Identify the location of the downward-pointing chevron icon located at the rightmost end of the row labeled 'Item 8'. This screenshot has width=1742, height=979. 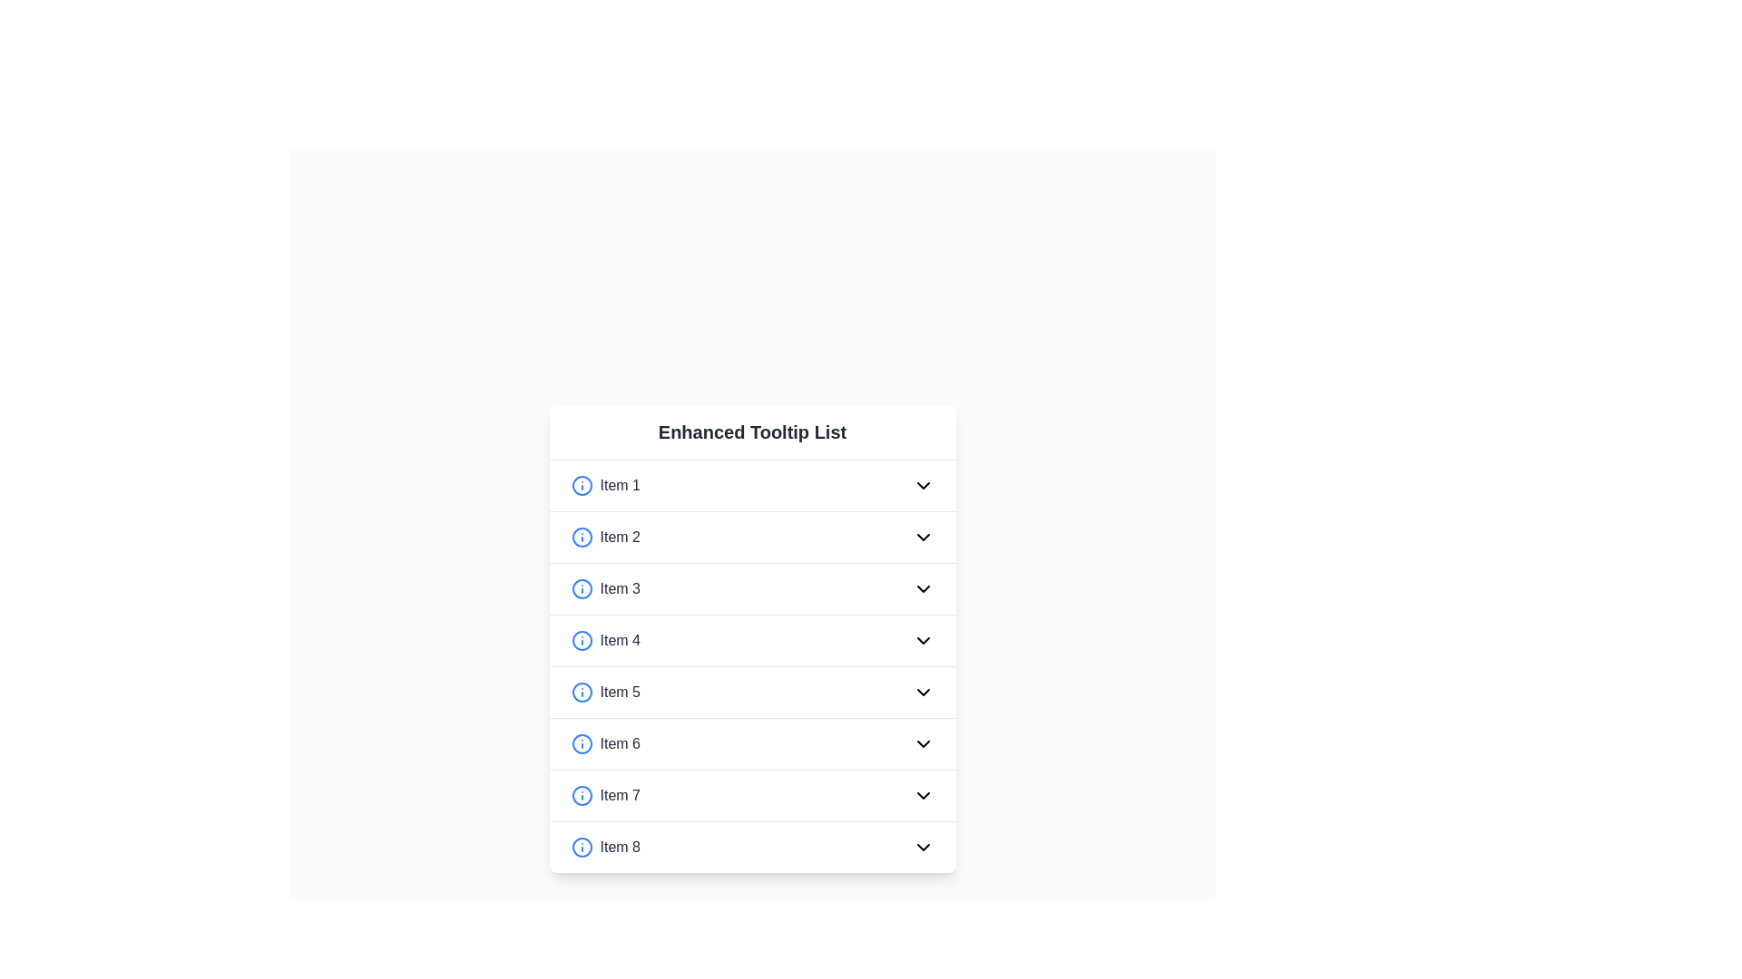
(923, 847).